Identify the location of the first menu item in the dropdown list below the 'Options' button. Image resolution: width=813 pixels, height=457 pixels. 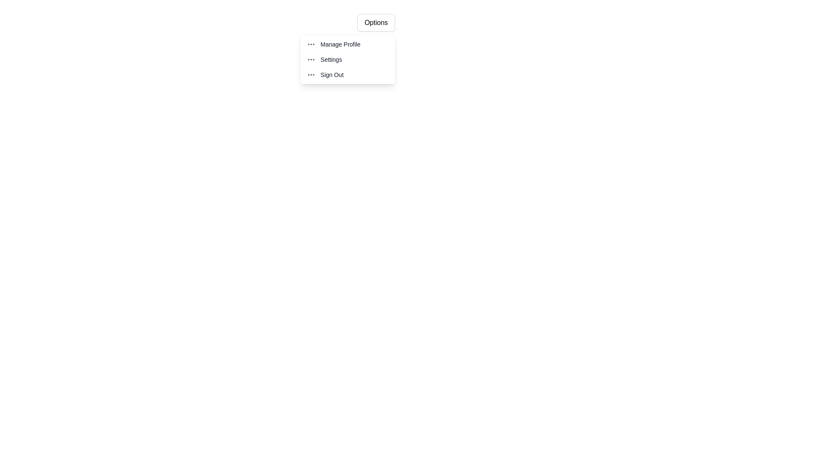
(347, 44).